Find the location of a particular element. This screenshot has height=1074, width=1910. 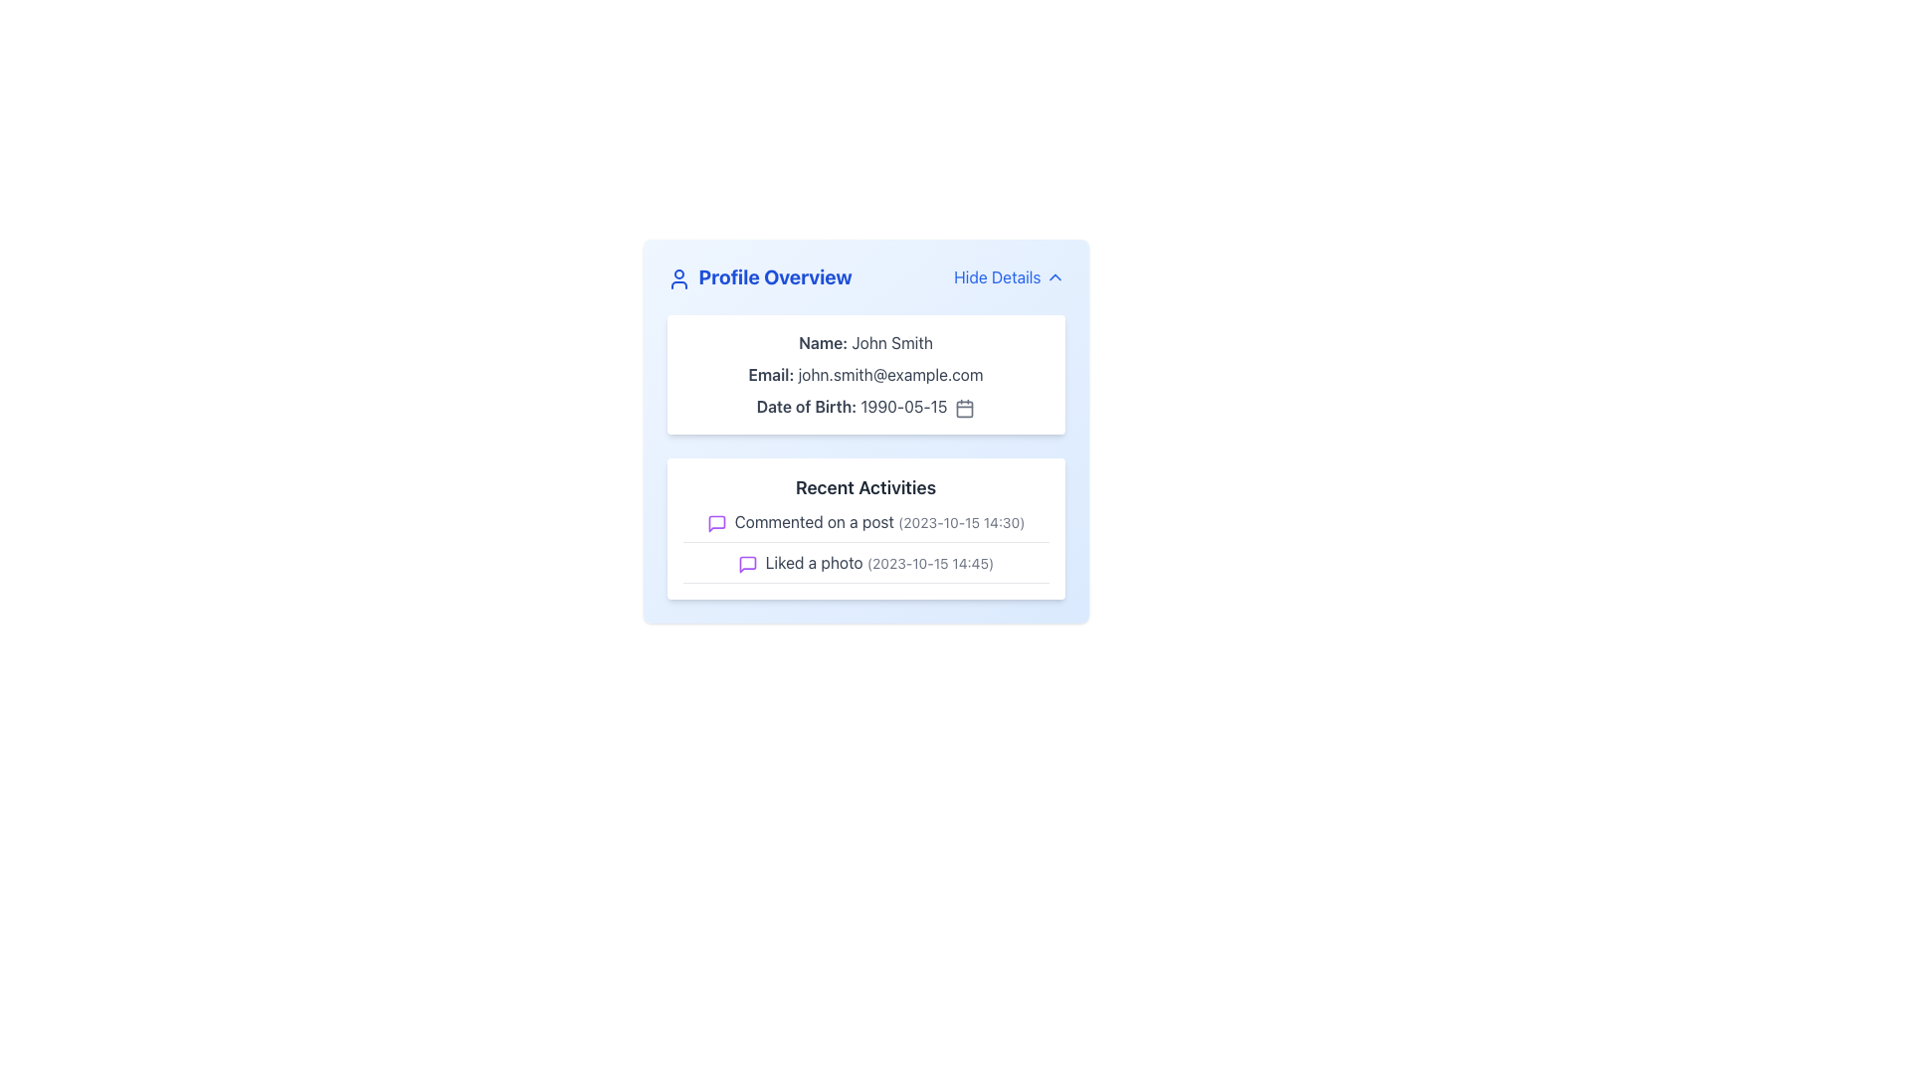

the small upward-pointing chevron icon located next to the 'Hide Details' text at the top-right corner of the blue-bordered profile overview card is located at coordinates (1053, 276).